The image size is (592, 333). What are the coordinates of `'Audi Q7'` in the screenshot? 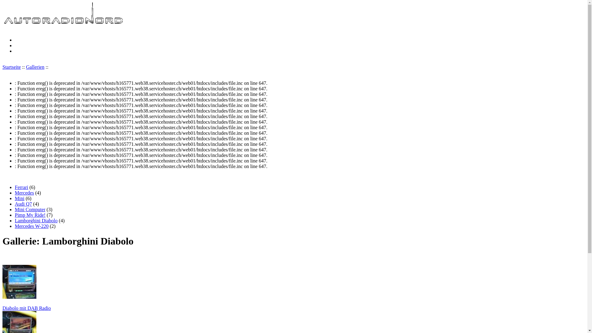 It's located at (23, 204).